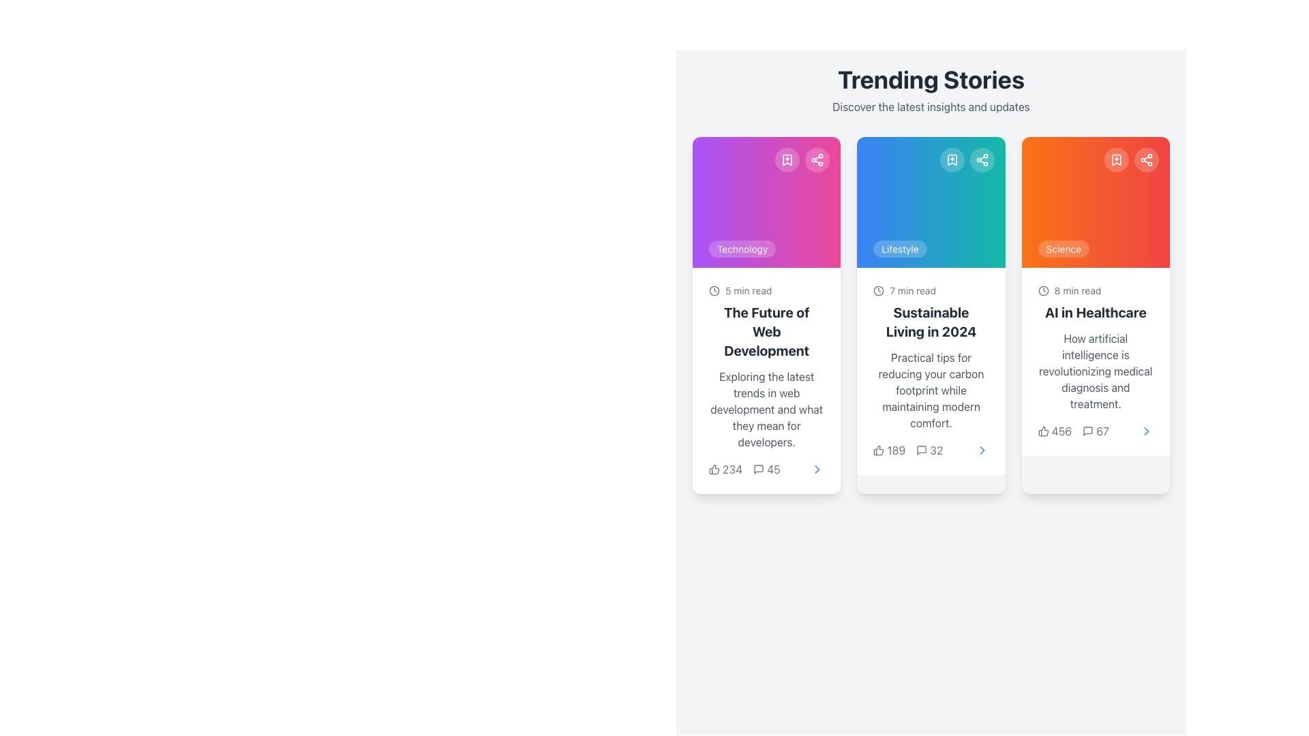 The height and width of the screenshot is (736, 1309). What do you see at coordinates (1145, 159) in the screenshot?
I see `the share button located at the top-right corner of the 'AI in Healthcare' card` at bounding box center [1145, 159].